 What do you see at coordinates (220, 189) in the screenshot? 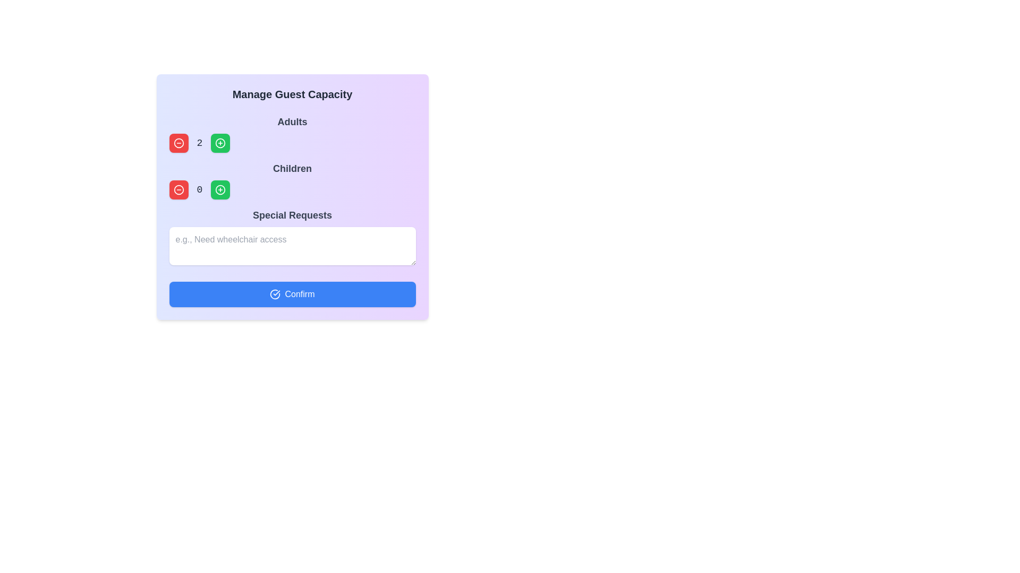
I see `the circular green icon with a white '+' symbol, which is part of the guest count controls` at bounding box center [220, 189].